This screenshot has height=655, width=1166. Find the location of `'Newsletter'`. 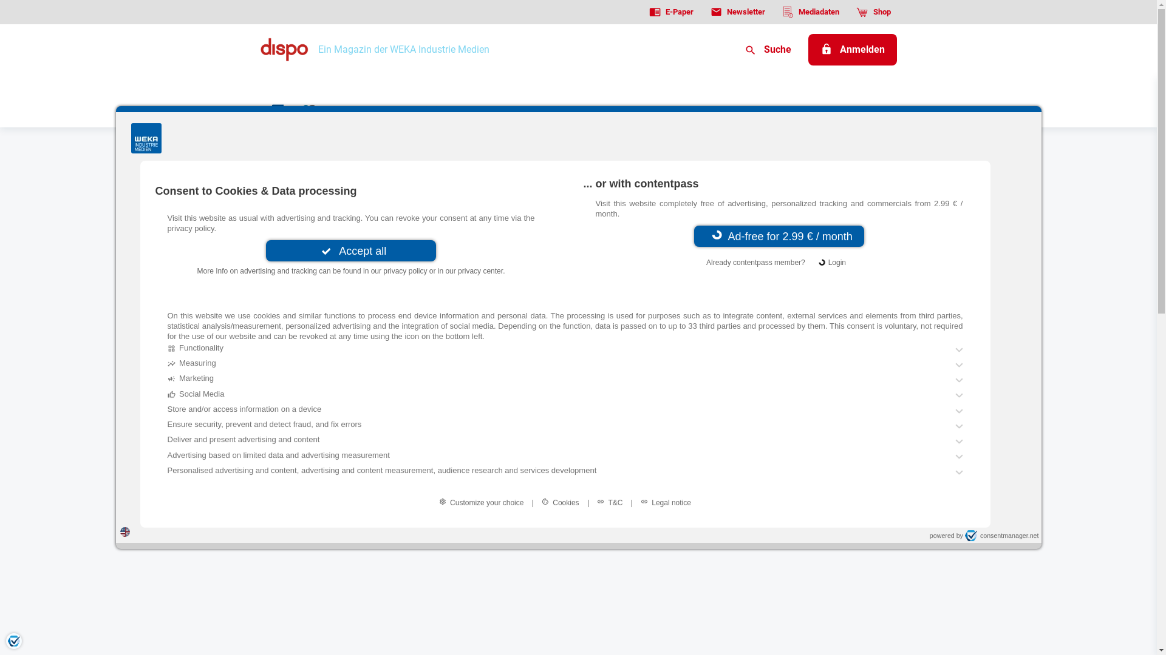

'Newsletter' is located at coordinates (737, 12).